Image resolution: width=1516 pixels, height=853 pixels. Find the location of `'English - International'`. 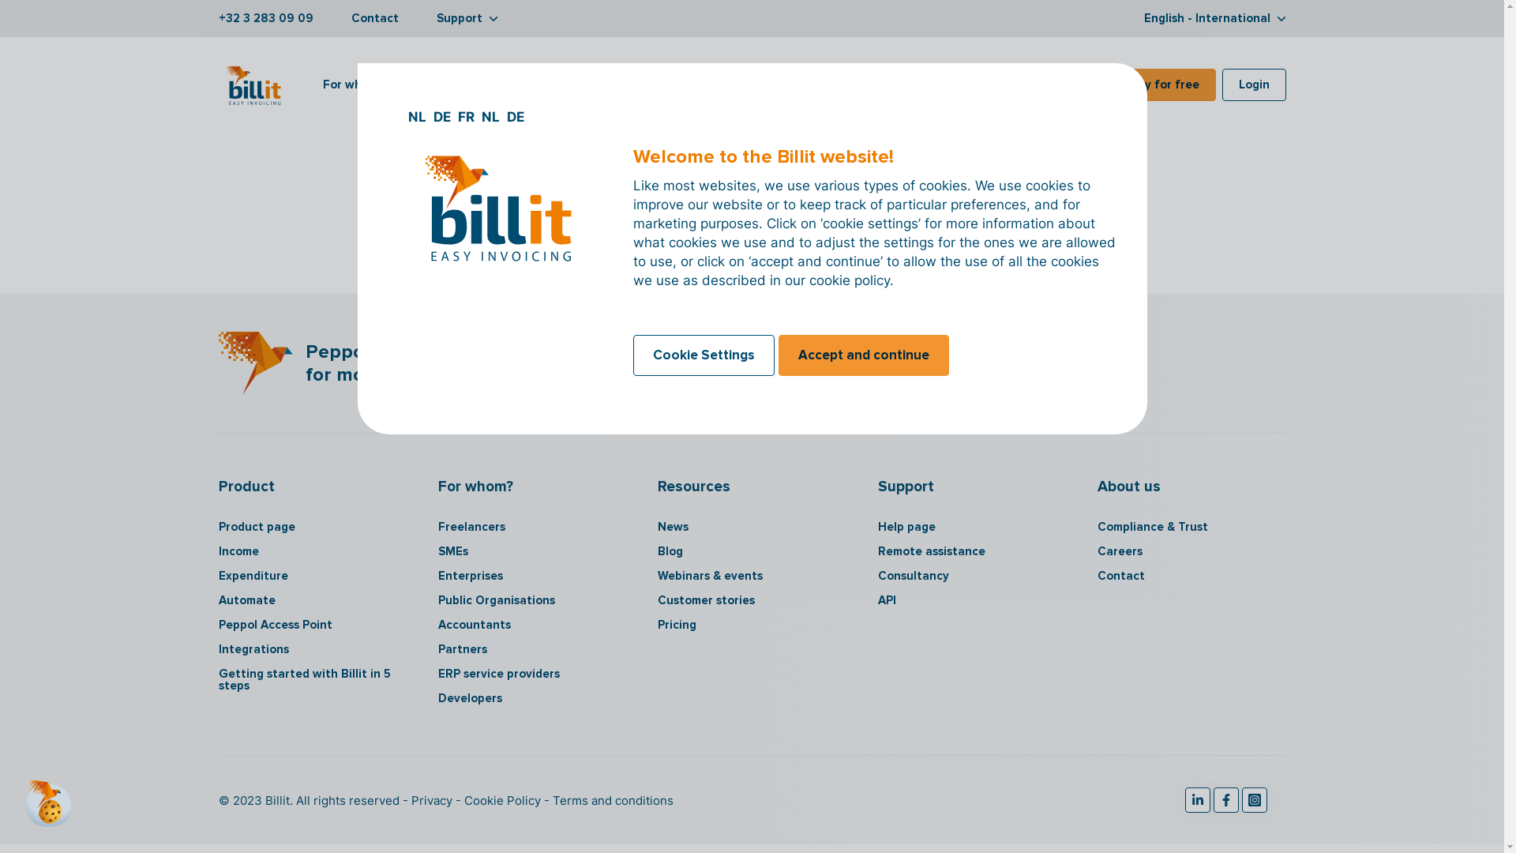

'English - International' is located at coordinates (1213, 18).